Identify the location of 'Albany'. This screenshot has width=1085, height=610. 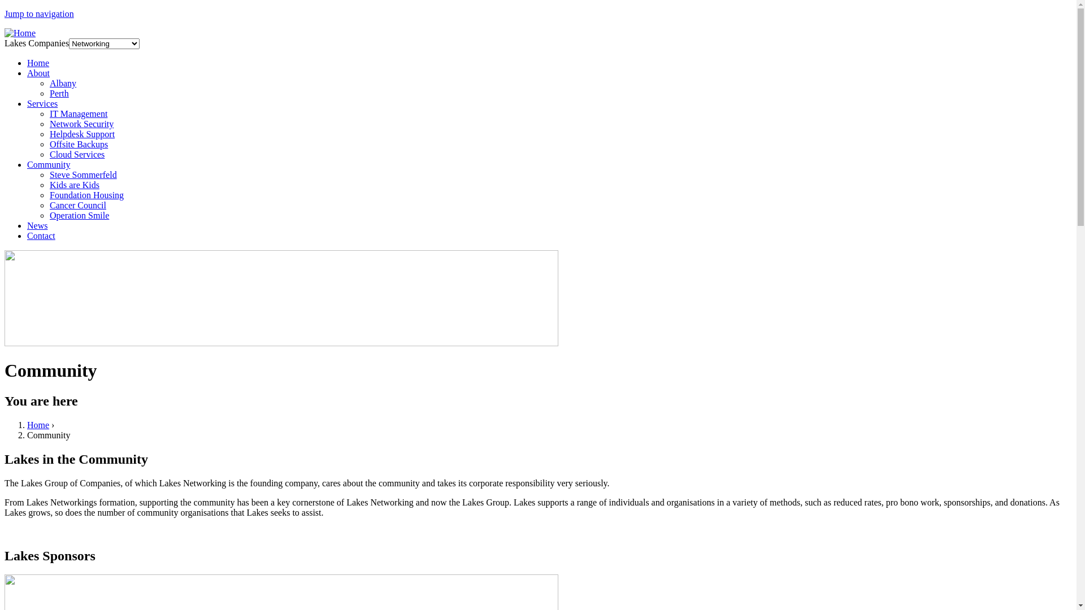
(62, 82).